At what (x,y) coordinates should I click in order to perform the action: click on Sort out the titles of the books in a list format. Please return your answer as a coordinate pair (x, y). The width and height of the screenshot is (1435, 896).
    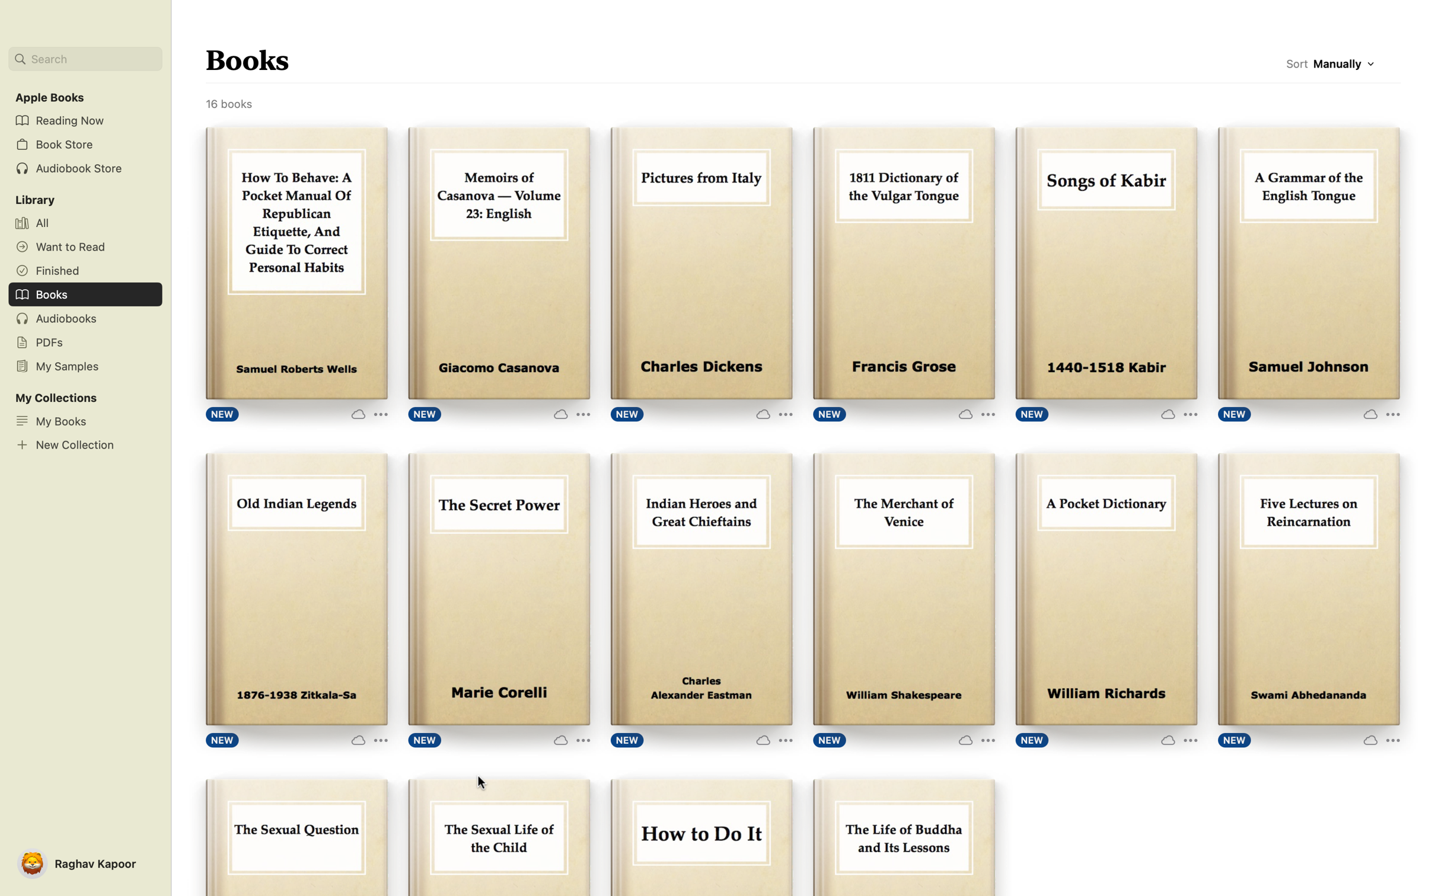
    Looking at the image, I should click on (1345, 66).